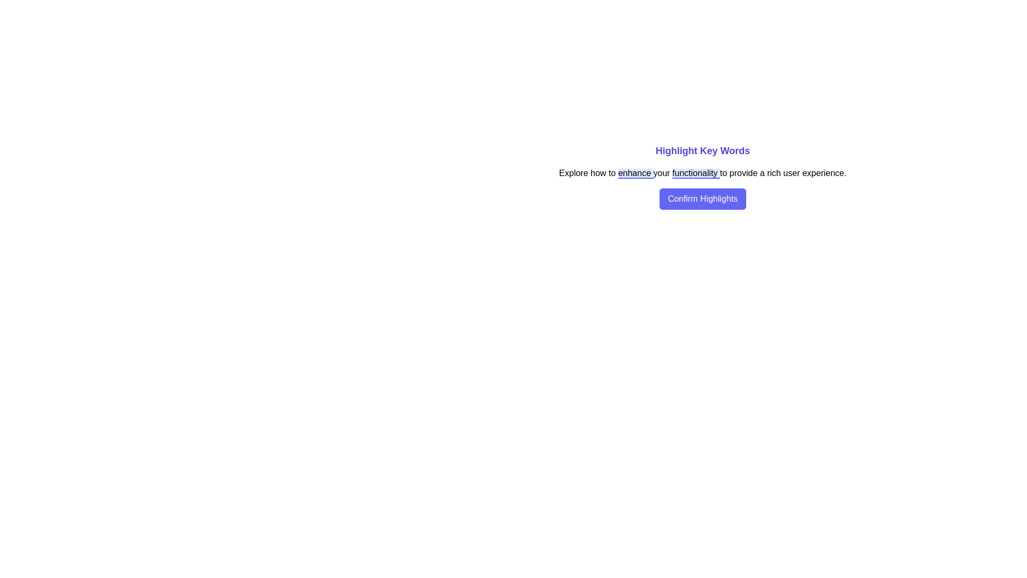 The height and width of the screenshot is (578, 1027). Describe the element at coordinates (703, 176) in the screenshot. I see `the textual paragraph element containing highlighted words like 'enhance' and 'functionality', located in the modal titled 'Highlight Key Words'` at that location.